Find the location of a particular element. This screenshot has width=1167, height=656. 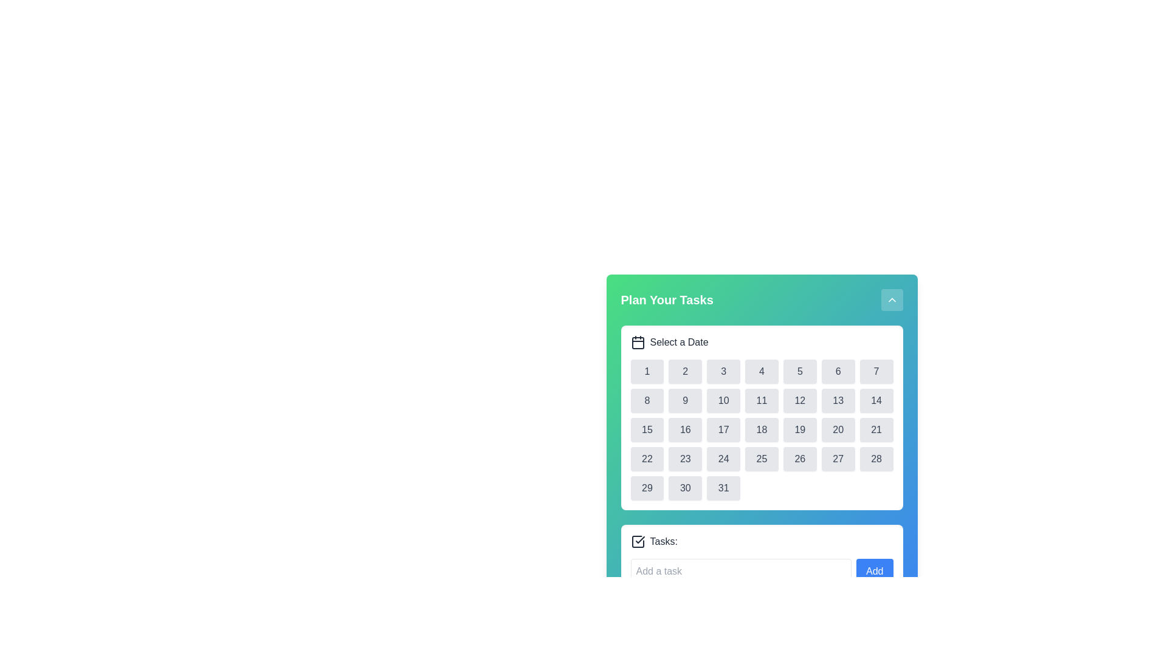

the decorative component of the calendar icon located to the left of the 'Select a Date' heading, which symbolizes the date-selection functionality is located at coordinates (637, 343).